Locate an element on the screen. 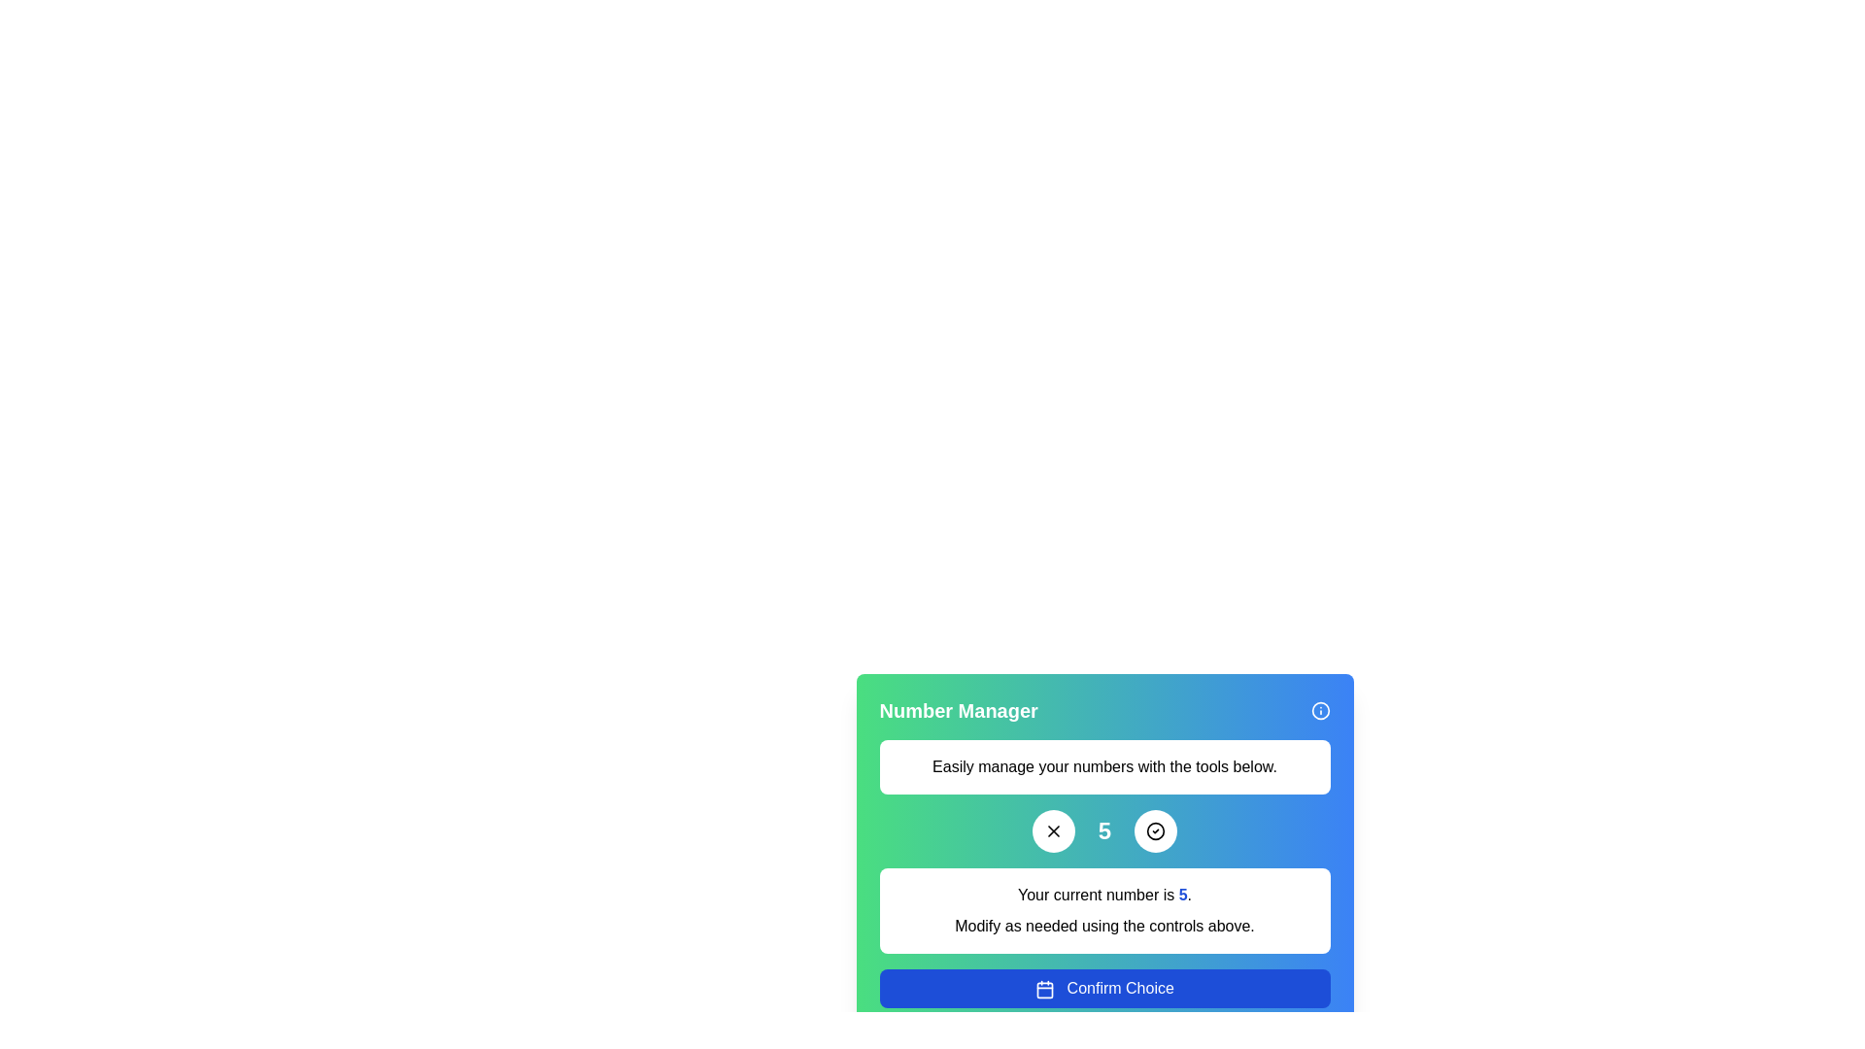 The height and width of the screenshot is (1049, 1865). the SVG circle element that is part of a check mark graphic within an icon, located at the center of the icon above a number is located at coordinates (1156, 830).